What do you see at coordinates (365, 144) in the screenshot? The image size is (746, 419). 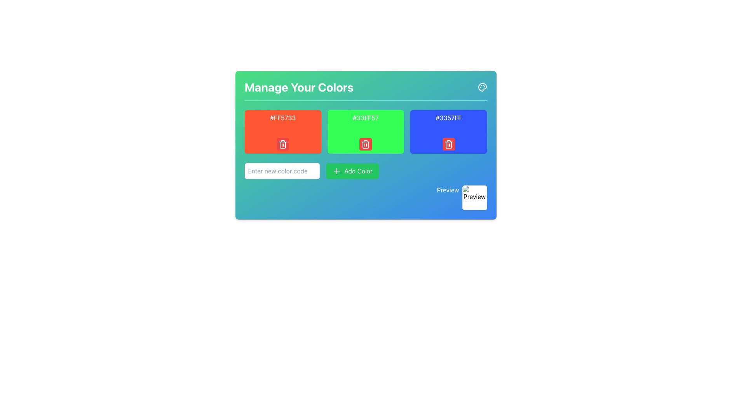 I see `the delete button located in the middle of the green-colored section` at bounding box center [365, 144].